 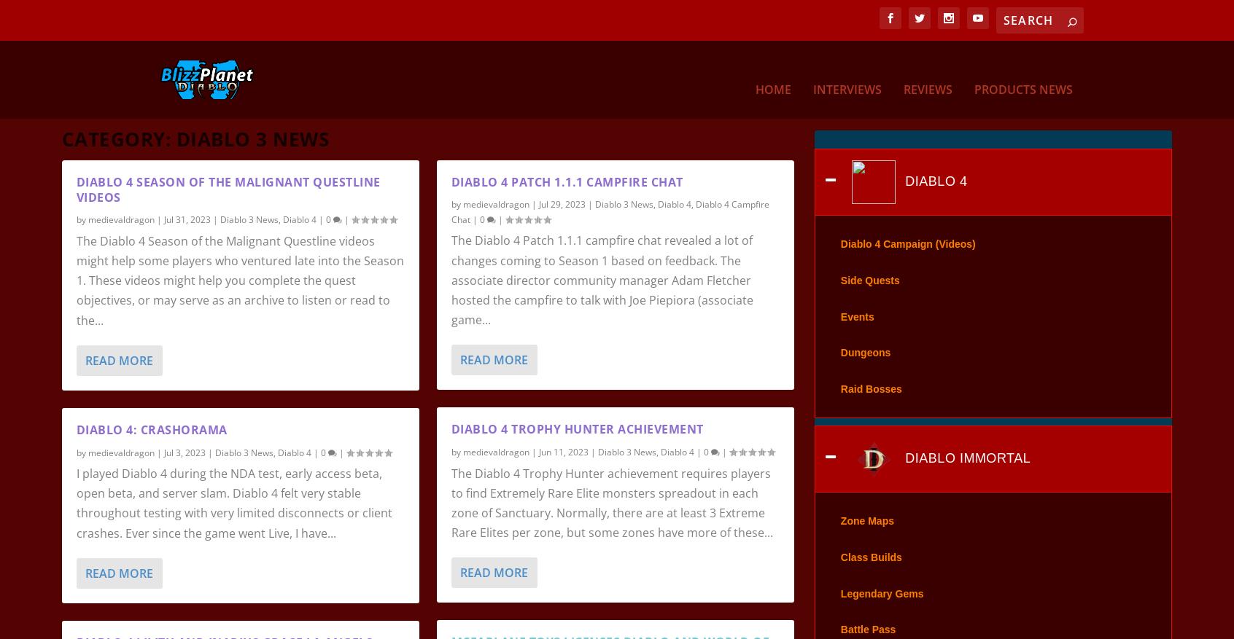 I want to click on 'Side Quests', so click(x=869, y=299).